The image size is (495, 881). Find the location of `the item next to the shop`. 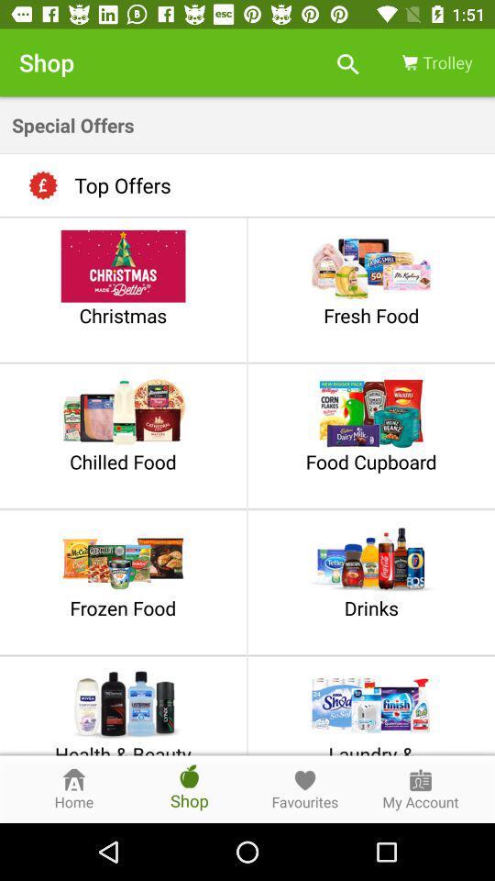

the item next to the shop is located at coordinates (347, 62).